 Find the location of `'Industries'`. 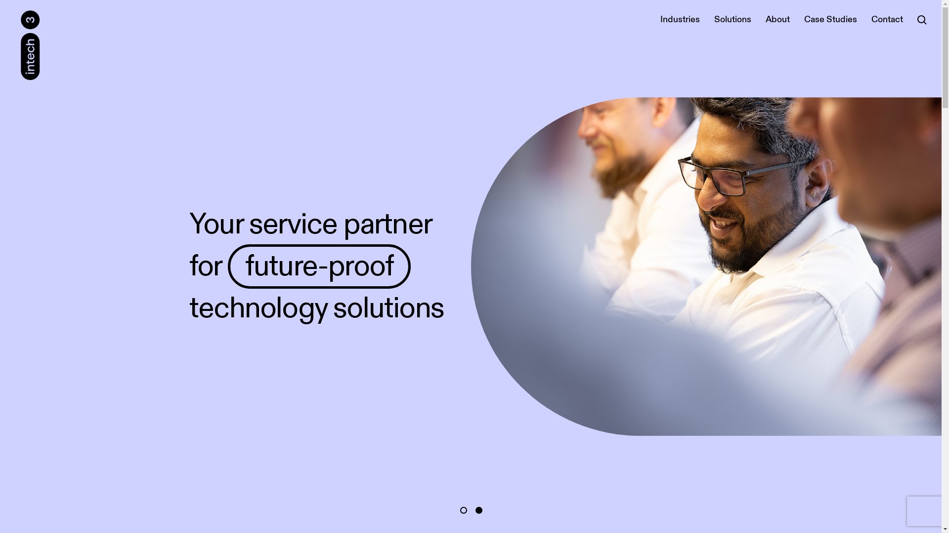

'Industries' is located at coordinates (680, 19).